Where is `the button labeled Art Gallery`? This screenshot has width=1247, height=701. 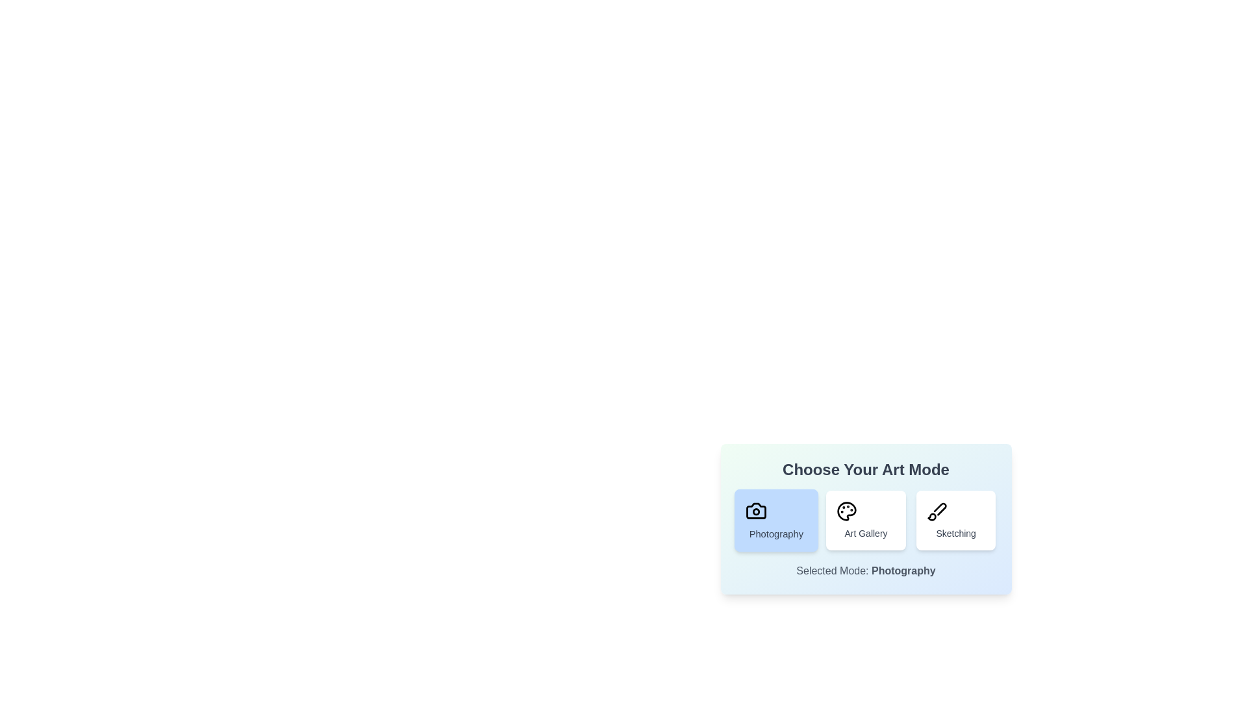
the button labeled Art Gallery is located at coordinates (866, 520).